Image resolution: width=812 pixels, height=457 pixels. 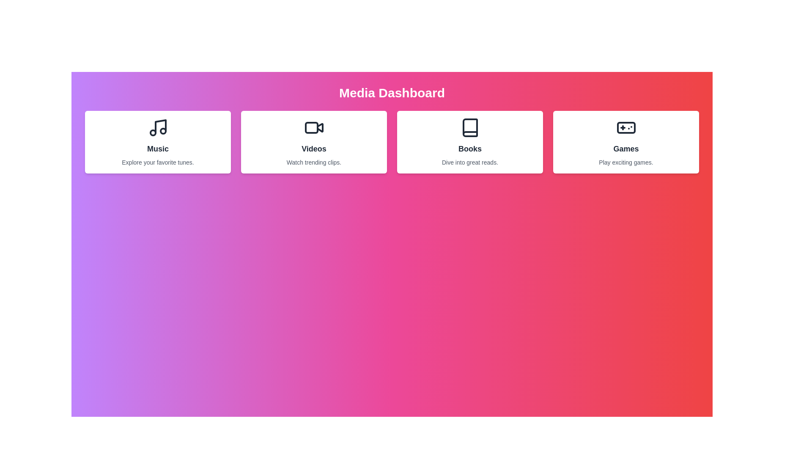 What do you see at coordinates (469, 141) in the screenshot?
I see `the third card in the grid layout, which features a white background, a centered open book icon, a bold title 'Books', and a smaller gray text 'Dive into great reads.'` at bounding box center [469, 141].